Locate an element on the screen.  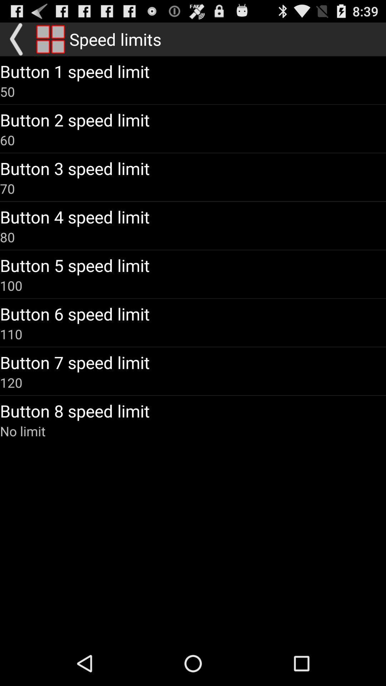
110 item is located at coordinates (11, 334).